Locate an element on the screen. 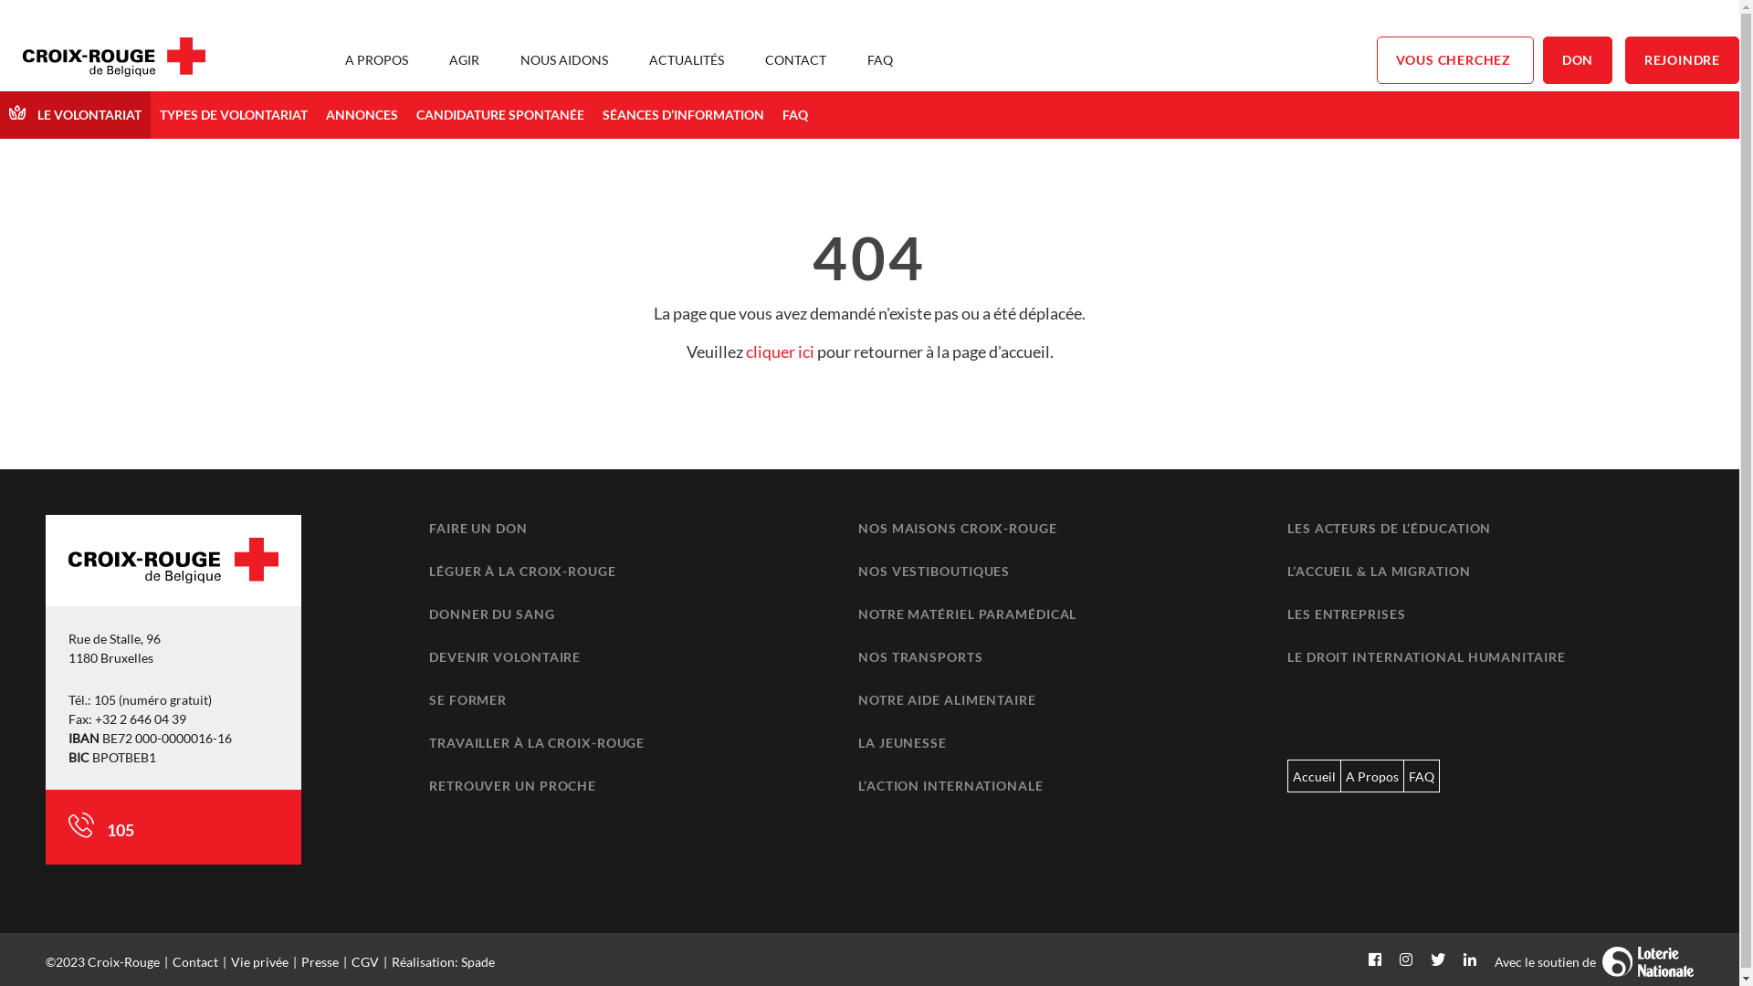 This screenshot has width=1753, height=986. 'Contact' is located at coordinates (195, 960).